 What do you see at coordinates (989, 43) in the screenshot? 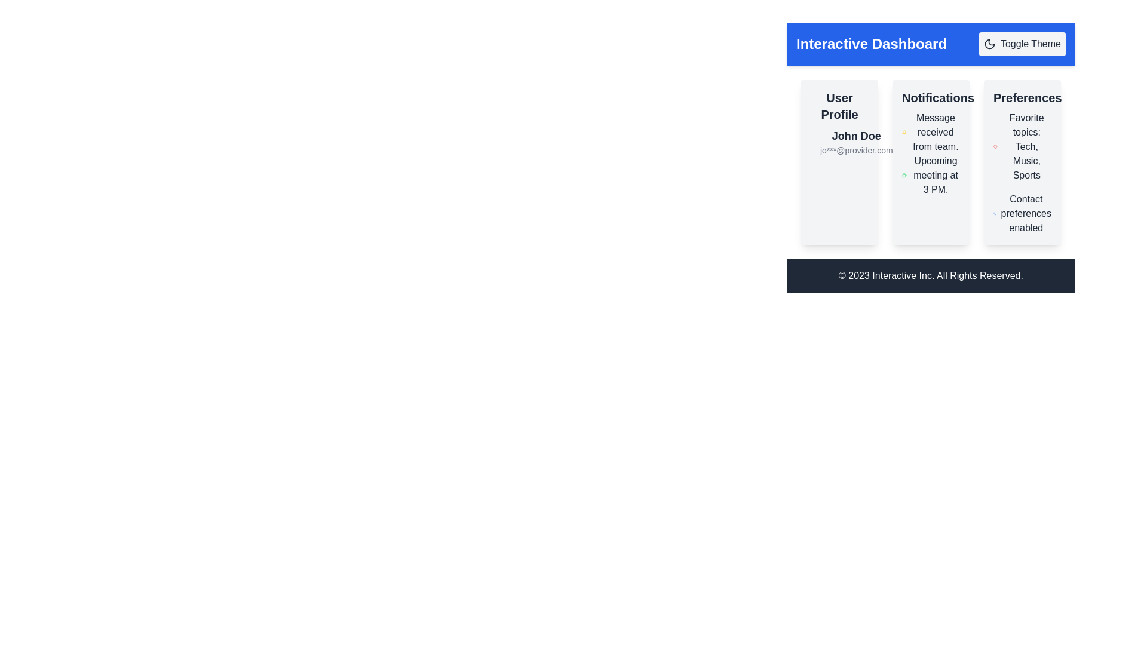
I see `the theme toggle icon located in the top-right corner of the interface, beside the 'Interactive Dashboard' title` at bounding box center [989, 43].